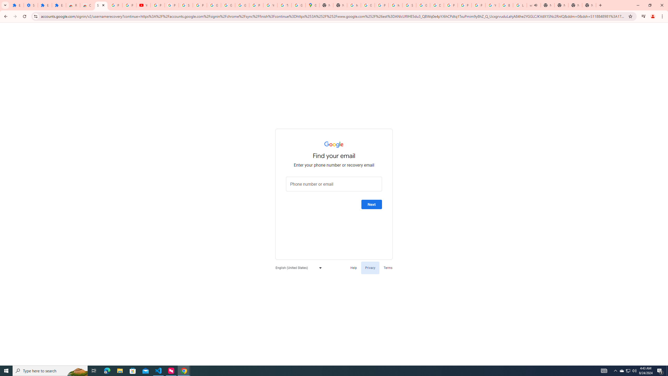 This screenshot has width=668, height=376. I want to click on 'Chrome Web Store - Themes', so click(87, 5).